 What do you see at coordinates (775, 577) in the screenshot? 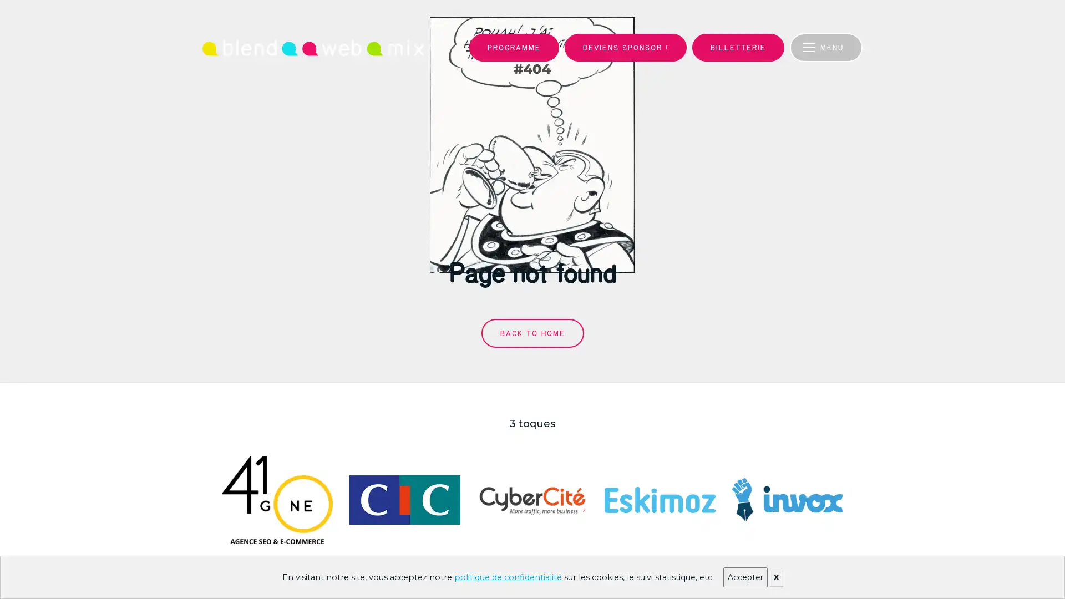
I see `X` at bounding box center [775, 577].